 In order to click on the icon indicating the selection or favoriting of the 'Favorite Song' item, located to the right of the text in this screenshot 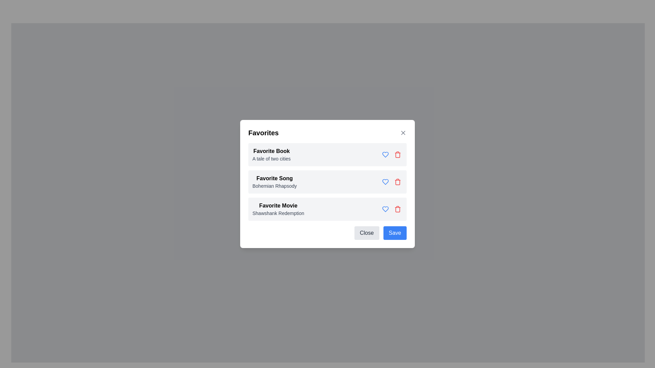, I will do `click(385, 181)`.